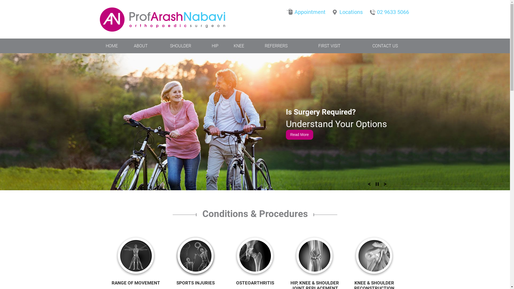 The height and width of the screenshot is (289, 514). I want to click on 'Conditions & Procedures', so click(255, 222).